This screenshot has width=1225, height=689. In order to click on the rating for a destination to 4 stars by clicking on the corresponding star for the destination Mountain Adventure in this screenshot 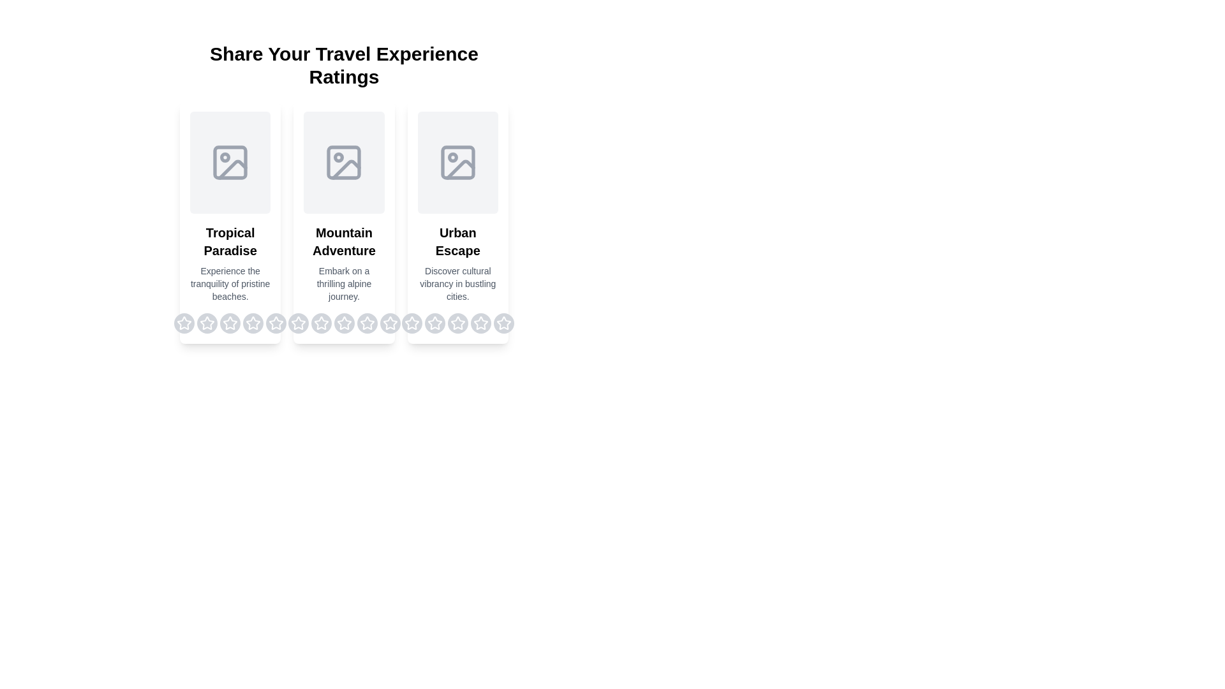, I will do `click(366, 322)`.